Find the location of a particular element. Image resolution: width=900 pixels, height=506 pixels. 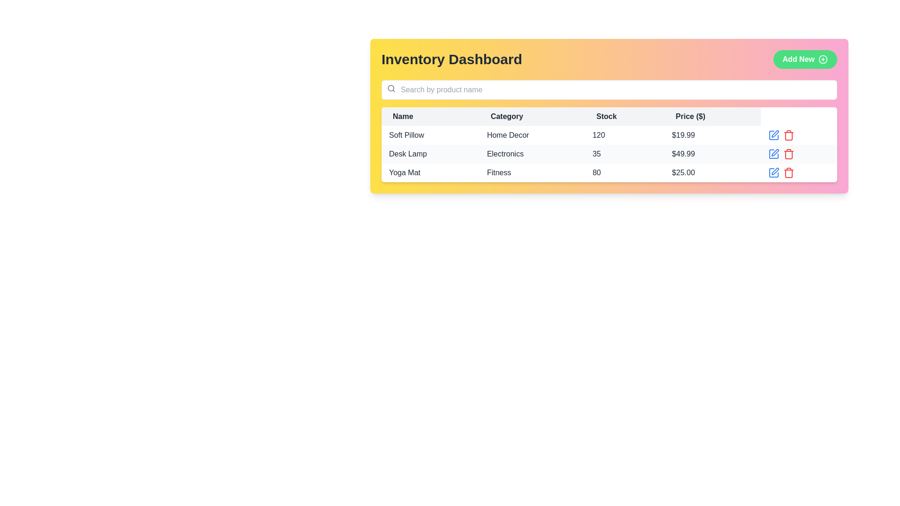

the price display of the 'Soft Pillow' product in the inventory table, located in the last column of the first row under the 'Price ($)' column is located at coordinates (712, 135).